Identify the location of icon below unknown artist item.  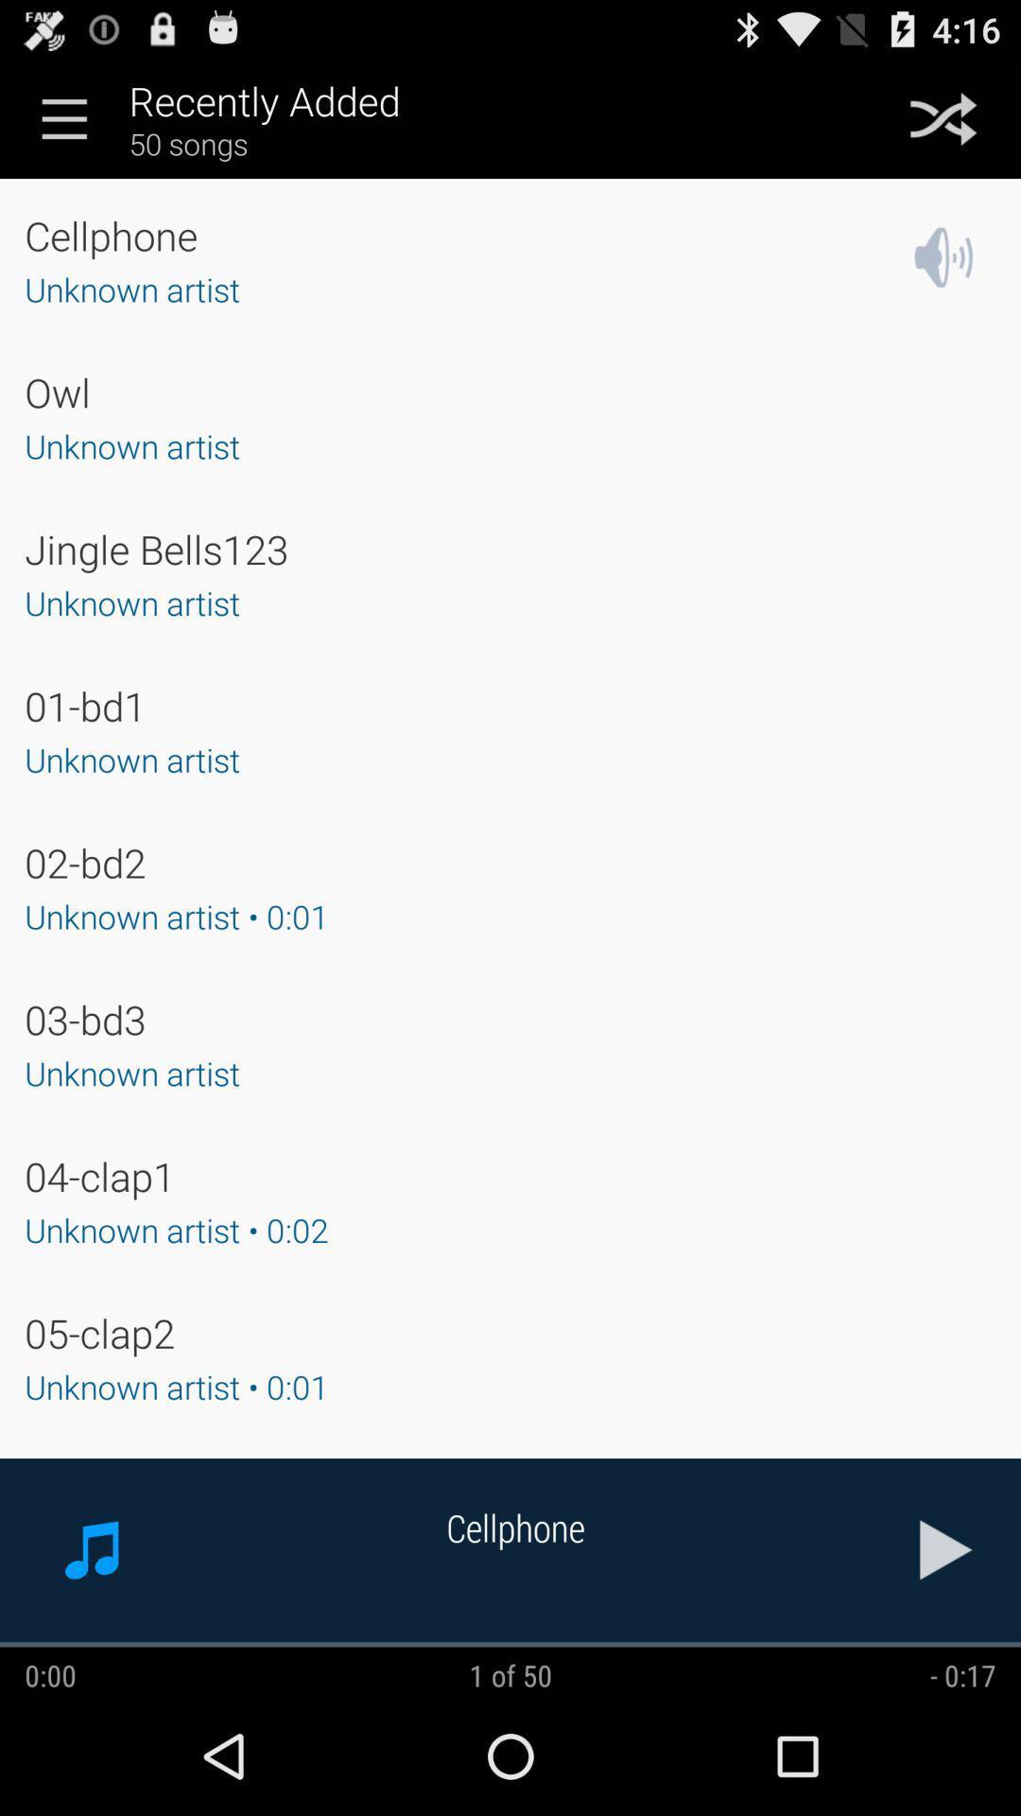
(99, 1175).